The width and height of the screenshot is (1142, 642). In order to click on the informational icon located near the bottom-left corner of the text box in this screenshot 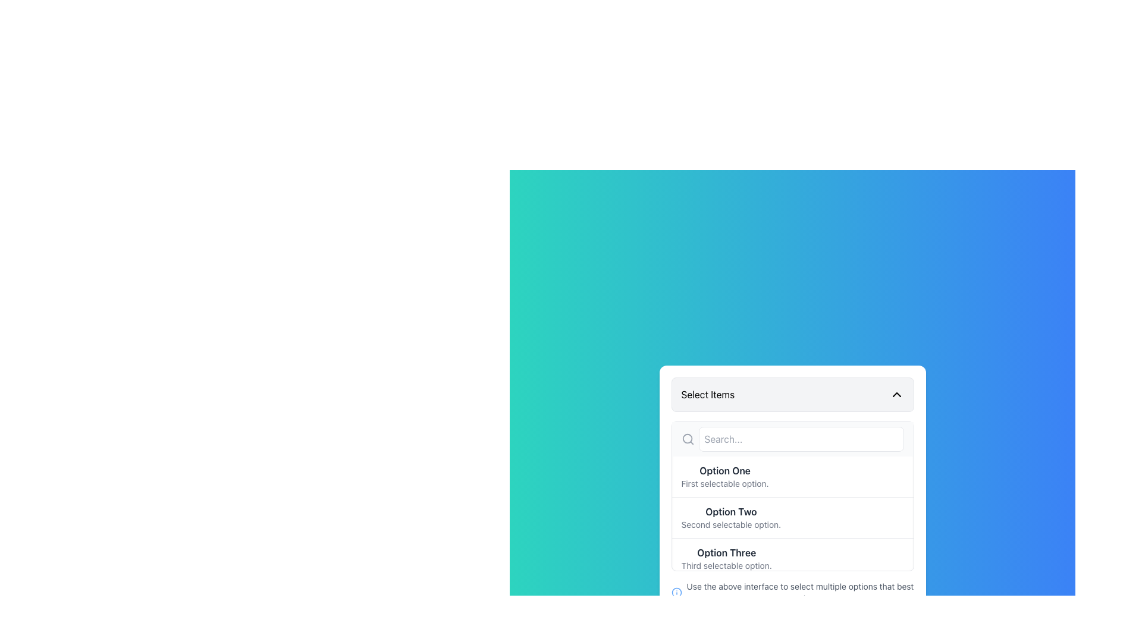, I will do `click(676, 592)`.